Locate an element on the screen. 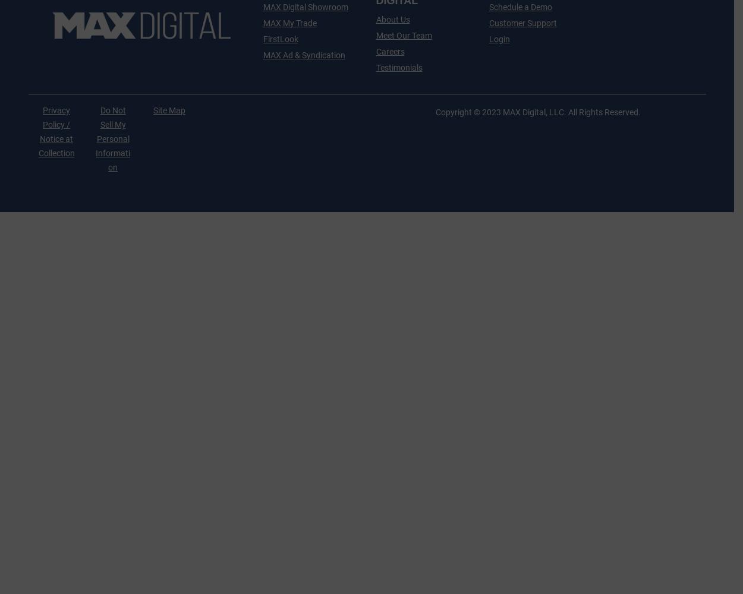 This screenshot has width=743, height=594. 'Privacy Policy / Notice at Collection' is located at coordinates (37, 131).